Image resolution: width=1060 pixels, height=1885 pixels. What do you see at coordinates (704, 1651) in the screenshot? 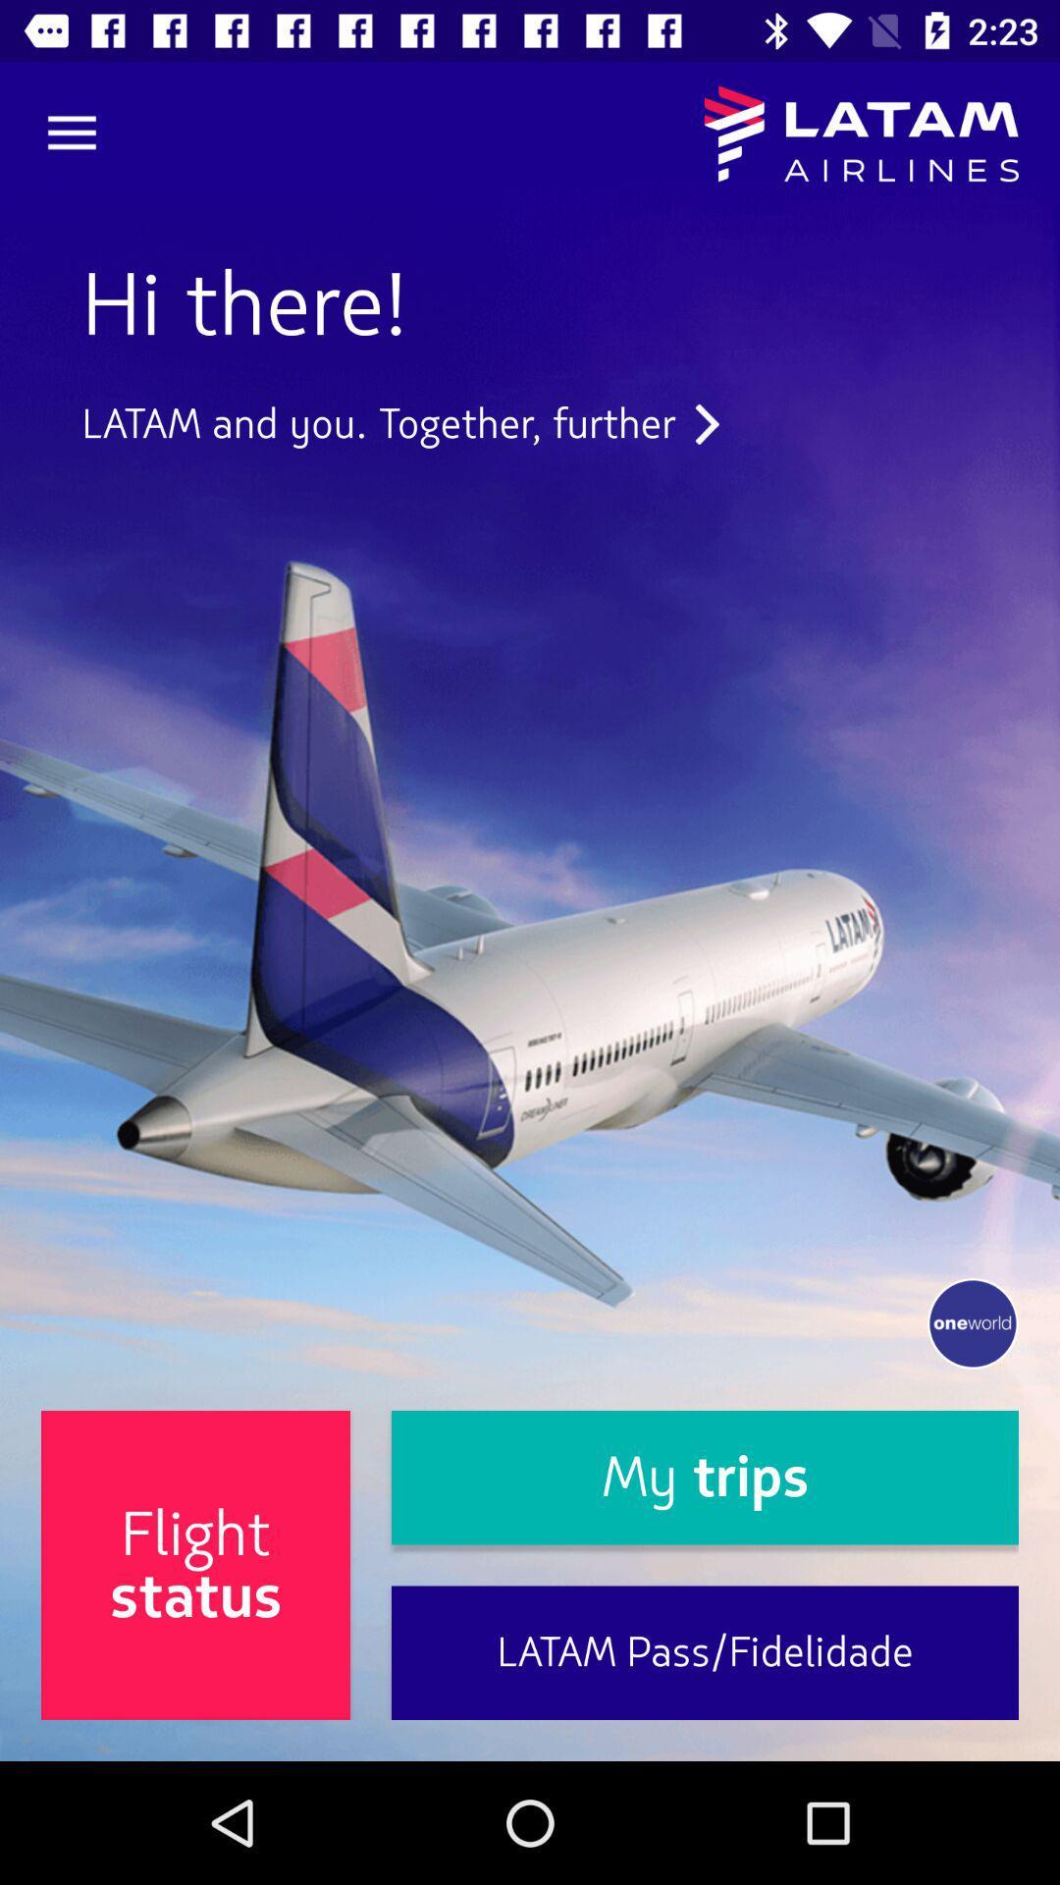
I see `the item below my trips item` at bounding box center [704, 1651].